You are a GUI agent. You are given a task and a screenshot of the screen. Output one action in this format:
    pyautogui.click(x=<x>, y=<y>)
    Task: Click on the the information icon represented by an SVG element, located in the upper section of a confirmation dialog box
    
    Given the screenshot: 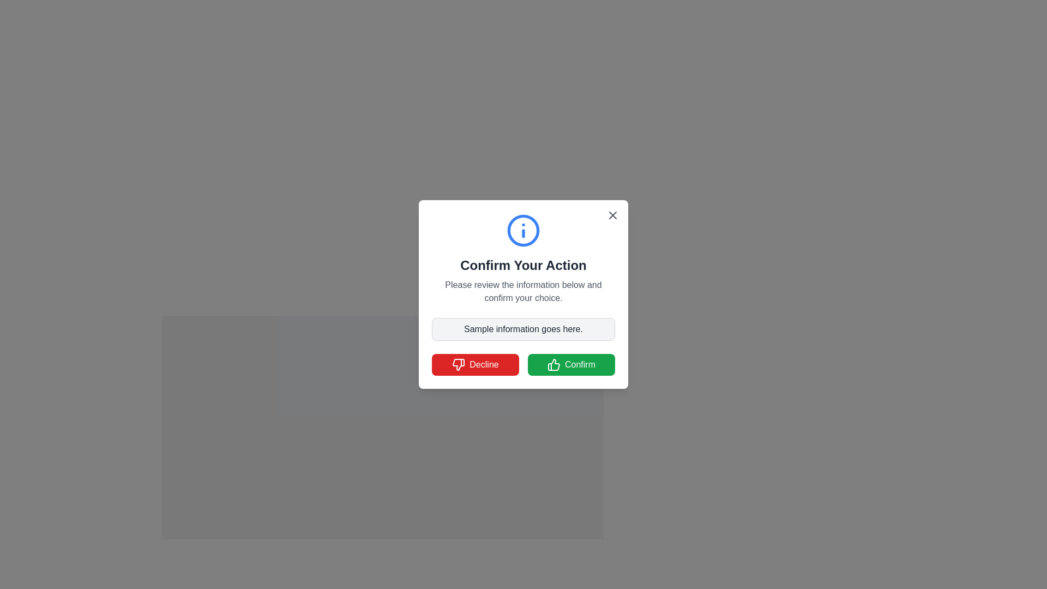 What is the action you would take?
    pyautogui.click(x=523, y=230)
    